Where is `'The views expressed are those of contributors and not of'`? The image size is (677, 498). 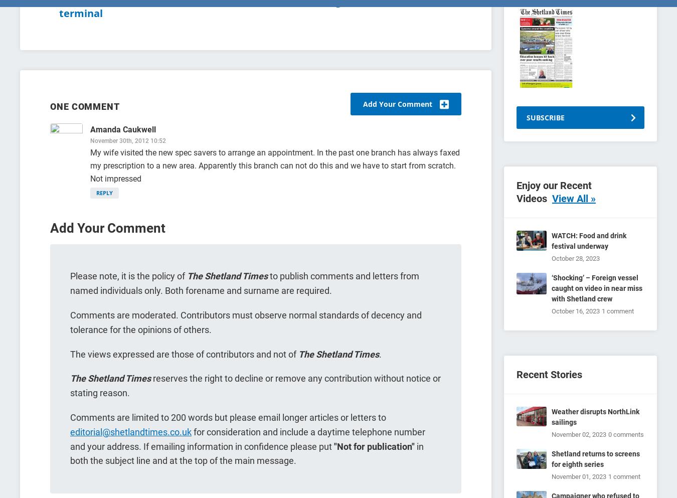
'The views expressed are those of contributors and not of' is located at coordinates (184, 353).